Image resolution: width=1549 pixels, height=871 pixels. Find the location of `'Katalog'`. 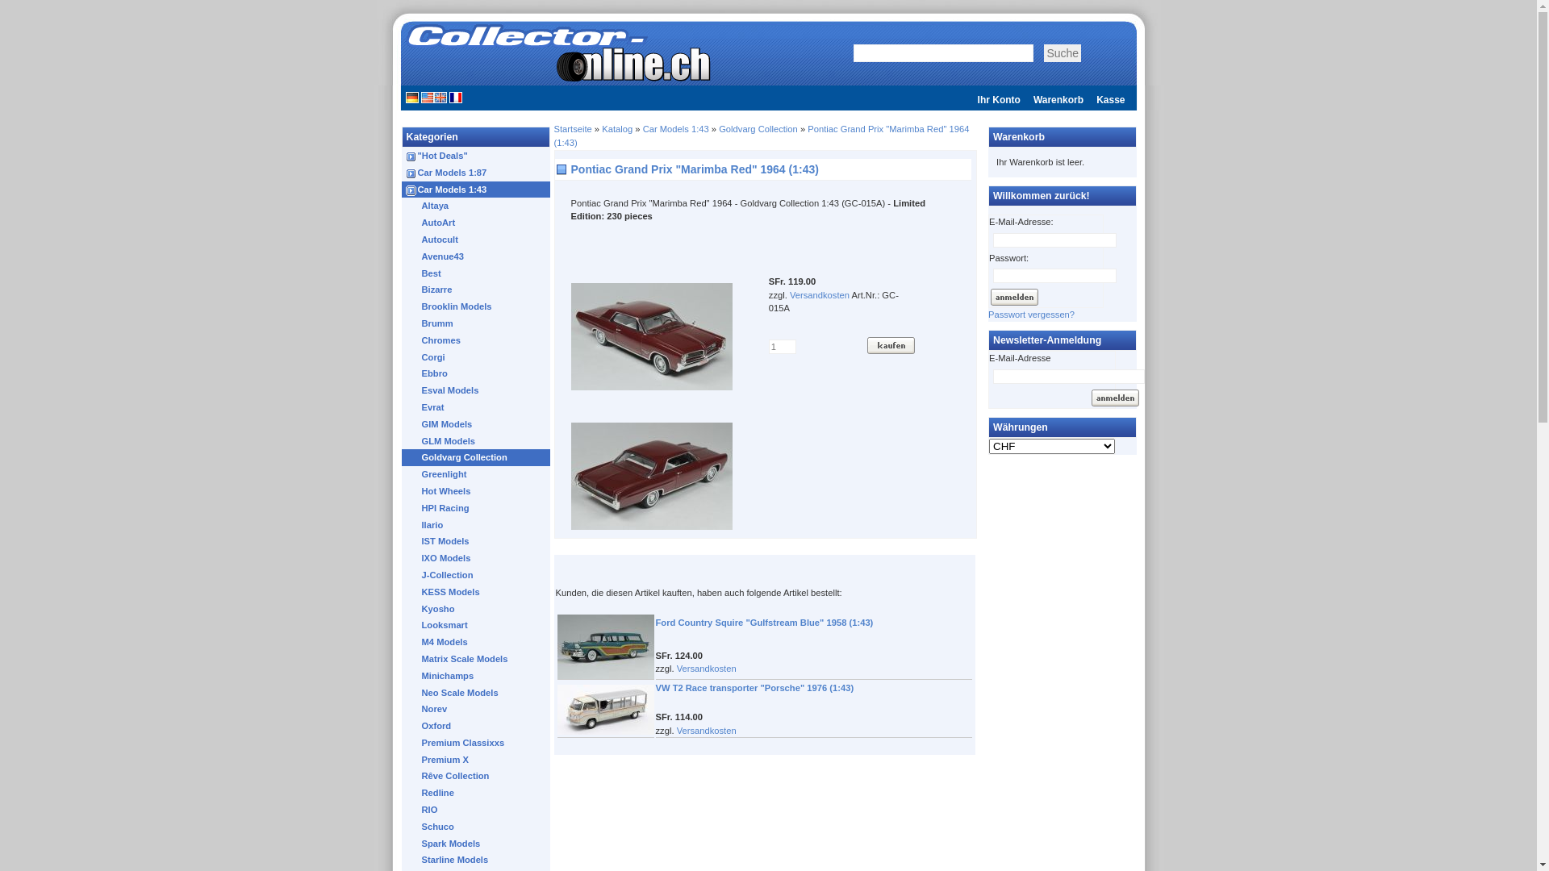

'Katalog' is located at coordinates (600, 127).